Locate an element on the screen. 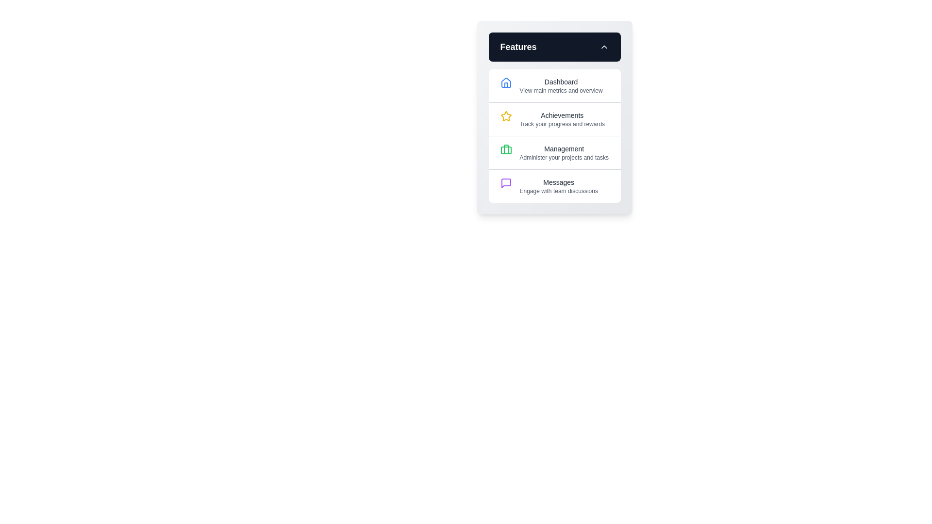  the text label displaying 'Engage with team discussions', which is a smaller subtitle positioned under the 'Messages' title in the 'Features' card is located at coordinates (559, 191).